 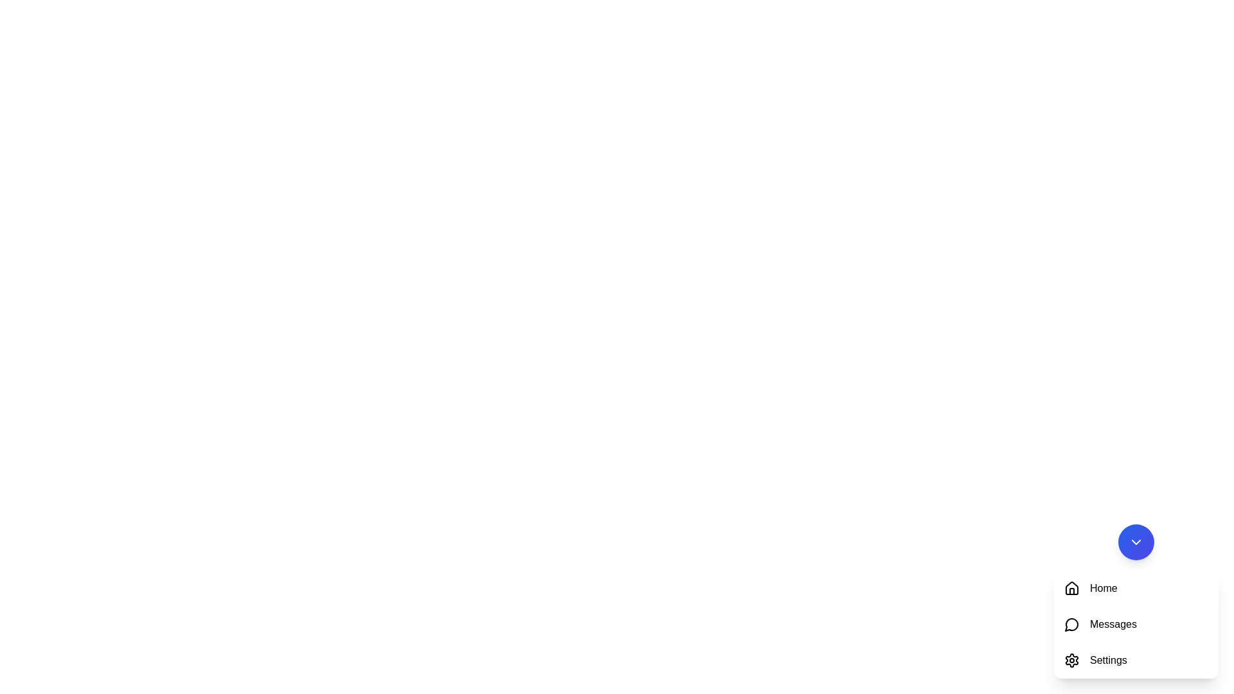 What do you see at coordinates (1103, 588) in the screenshot?
I see `the descriptive label for the 'Home' button, which is located in the vertical menu list right after the house icon` at bounding box center [1103, 588].